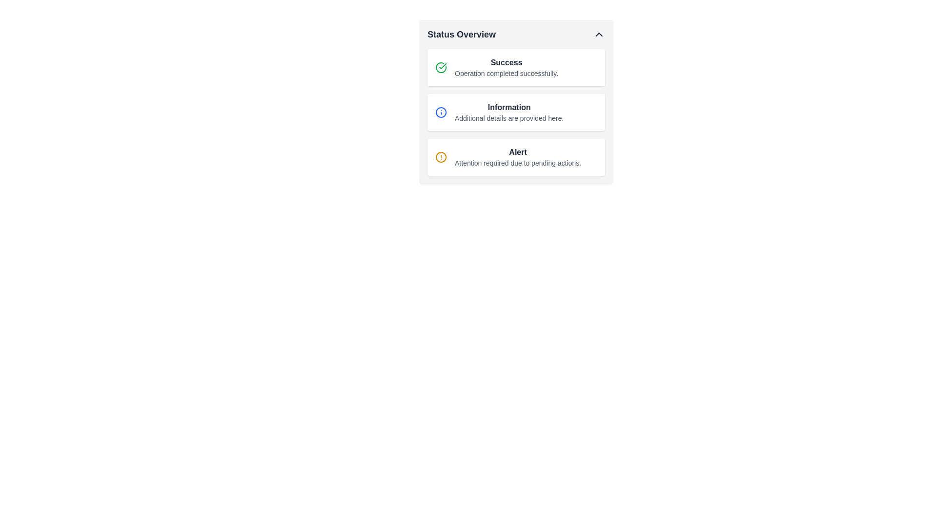 Image resolution: width=936 pixels, height=526 pixels. What do you see at coordinates (516, 67) in the screenshot?
I see `notification message box that has a white background, rounded corners, and contains a green checkmark icon, with the title 'Success' and text 'Operation completed successfully.'` at bounding box center [516, 67].